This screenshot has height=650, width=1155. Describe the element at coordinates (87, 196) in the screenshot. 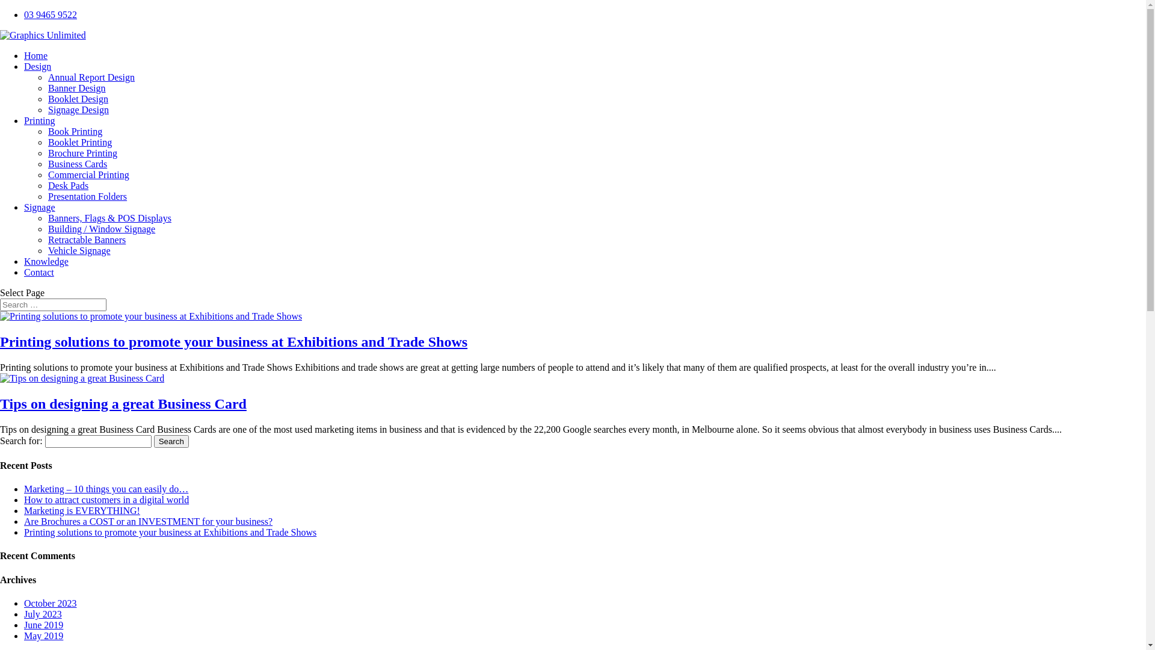

I see `'Presentation Folders'` at that location.